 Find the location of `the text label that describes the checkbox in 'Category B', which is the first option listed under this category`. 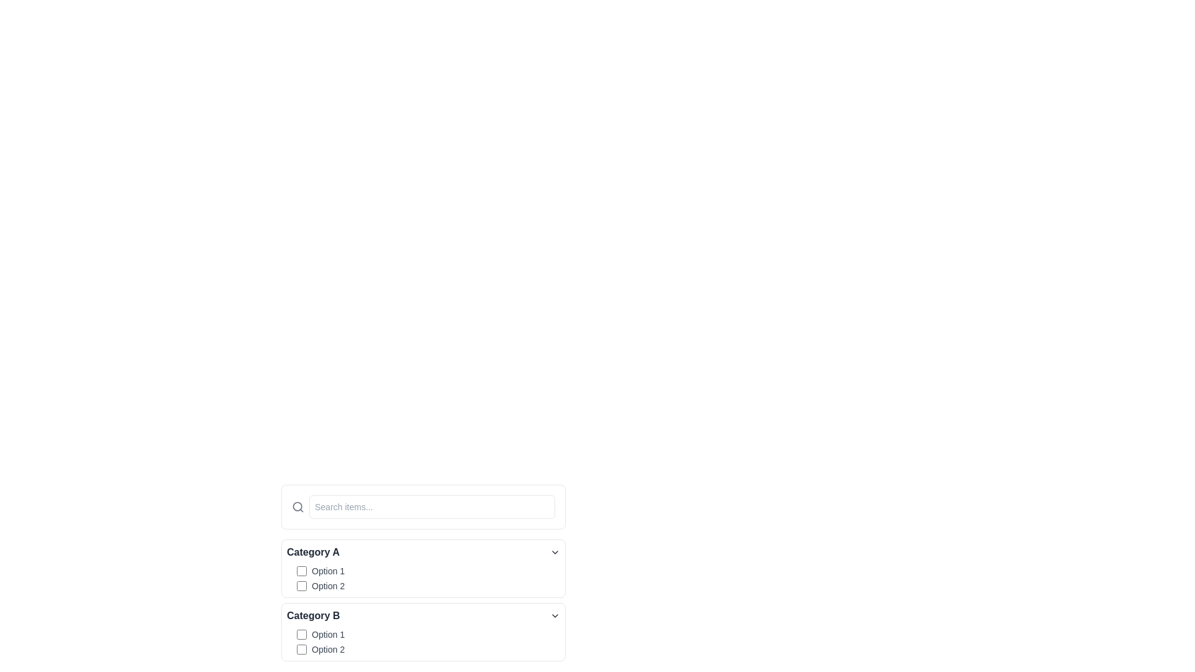

the text label that describes the checkbox in 'Category B', which is the first option listed under this category is located at coordinates (328, 634).